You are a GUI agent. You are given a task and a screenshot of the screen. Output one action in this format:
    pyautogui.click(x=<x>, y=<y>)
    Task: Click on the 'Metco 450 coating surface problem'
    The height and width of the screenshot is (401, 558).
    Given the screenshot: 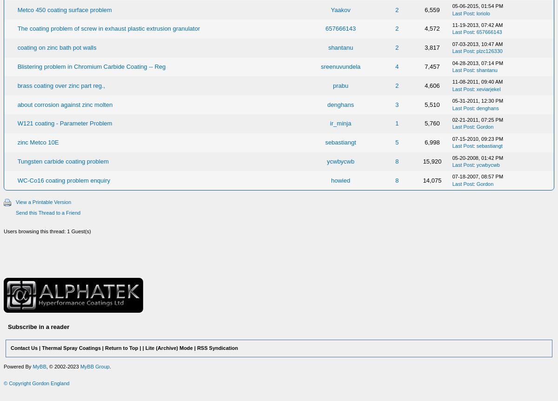 What is the action you would take?
    pyautogui.click(x=64, y=9)
    